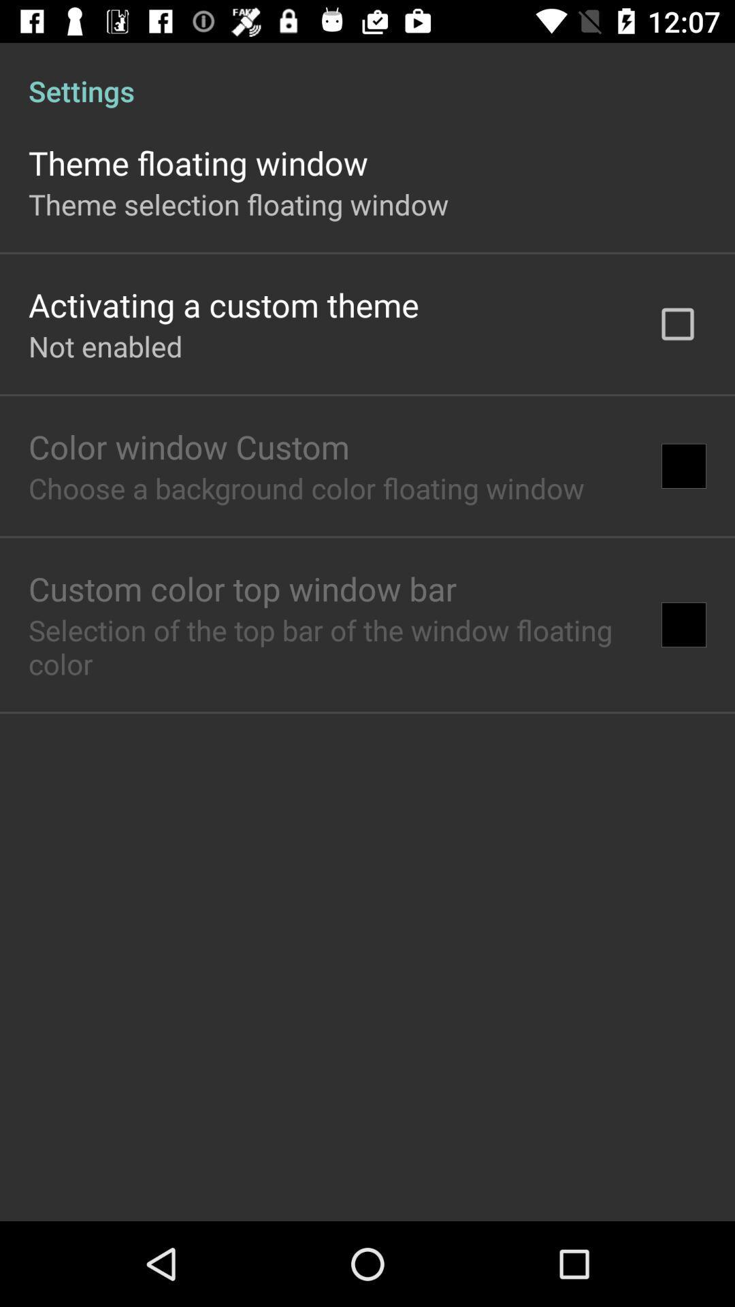  Describe the element at coordinates (306, 487) in the screenshot. I see `item above the custom color top item` at that location.